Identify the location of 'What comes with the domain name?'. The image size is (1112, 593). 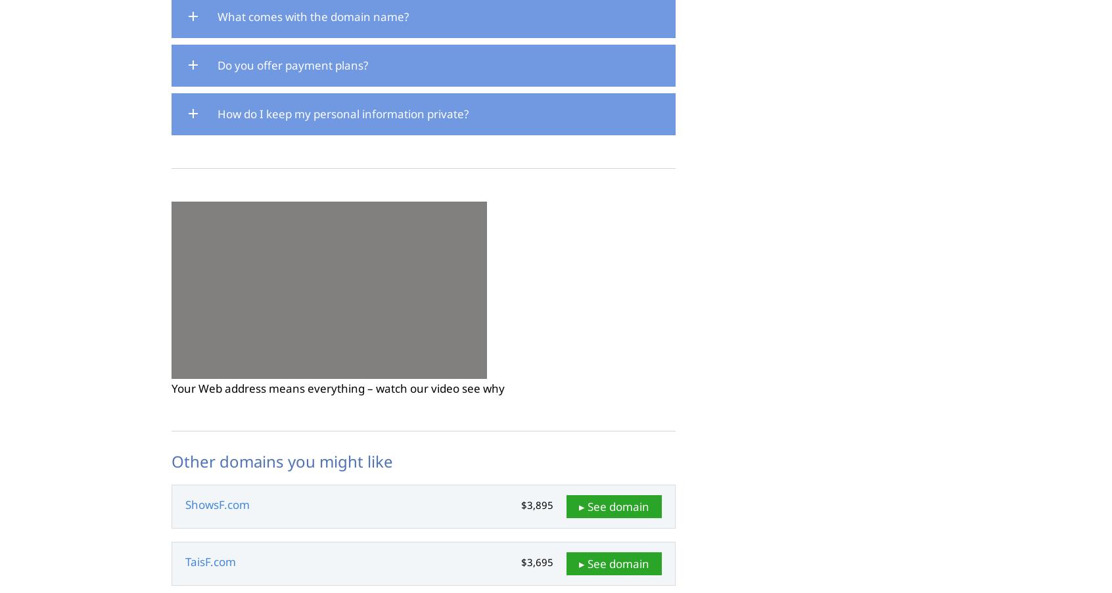
(216, 16).